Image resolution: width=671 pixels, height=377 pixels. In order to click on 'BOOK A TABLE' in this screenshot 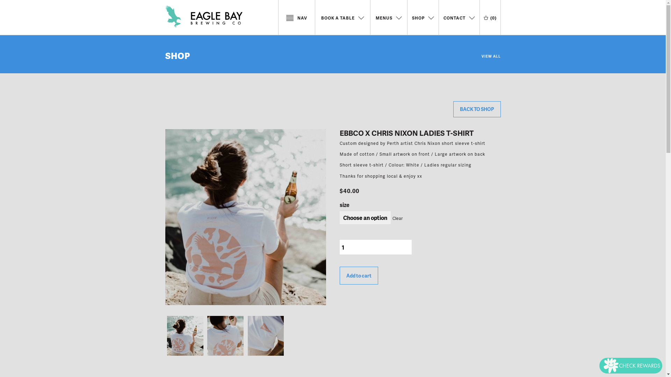, I will do `click(342, 17)`.